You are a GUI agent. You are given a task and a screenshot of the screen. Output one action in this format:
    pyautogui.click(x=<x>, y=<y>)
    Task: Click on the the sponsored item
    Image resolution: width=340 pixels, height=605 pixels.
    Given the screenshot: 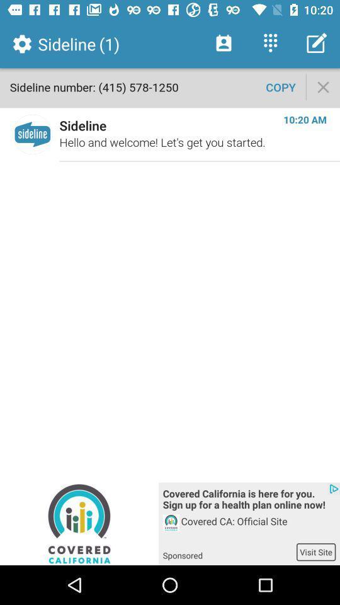 What is the action you would take?
    pyautogui.click(x=229, y=551)
    